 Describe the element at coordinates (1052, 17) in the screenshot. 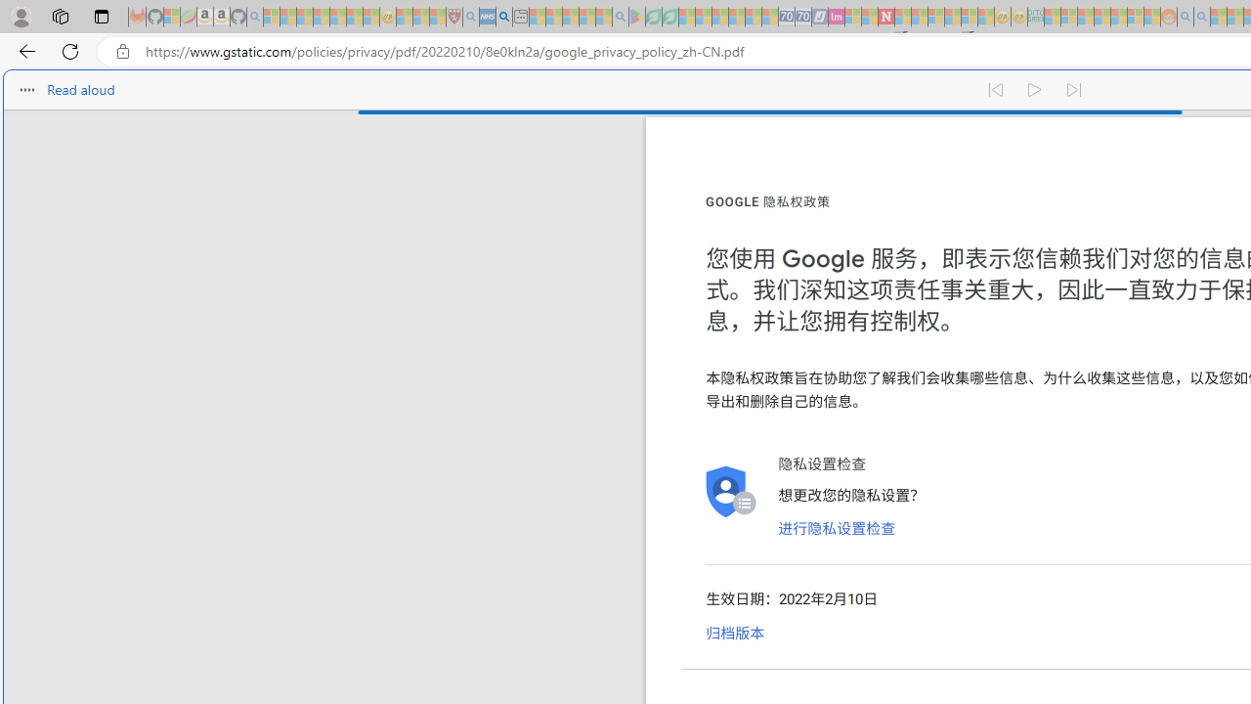

I see `'MSNBC - MSN - Sleeping'` at that location.